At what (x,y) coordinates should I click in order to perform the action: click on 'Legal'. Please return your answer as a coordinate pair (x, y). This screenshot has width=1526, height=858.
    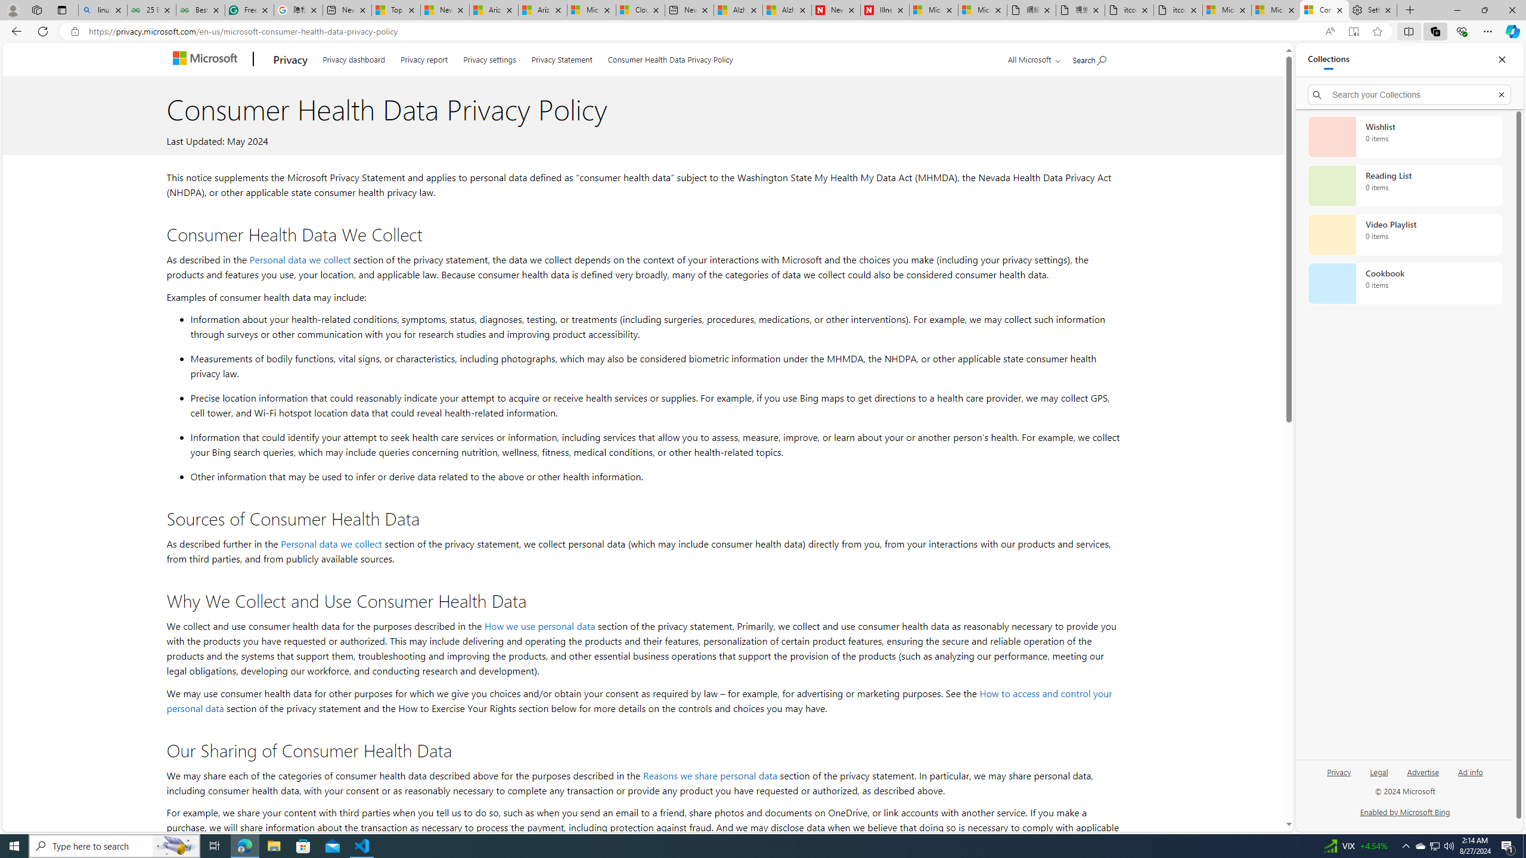
    Looking at the image, I should click on (1379, 771).